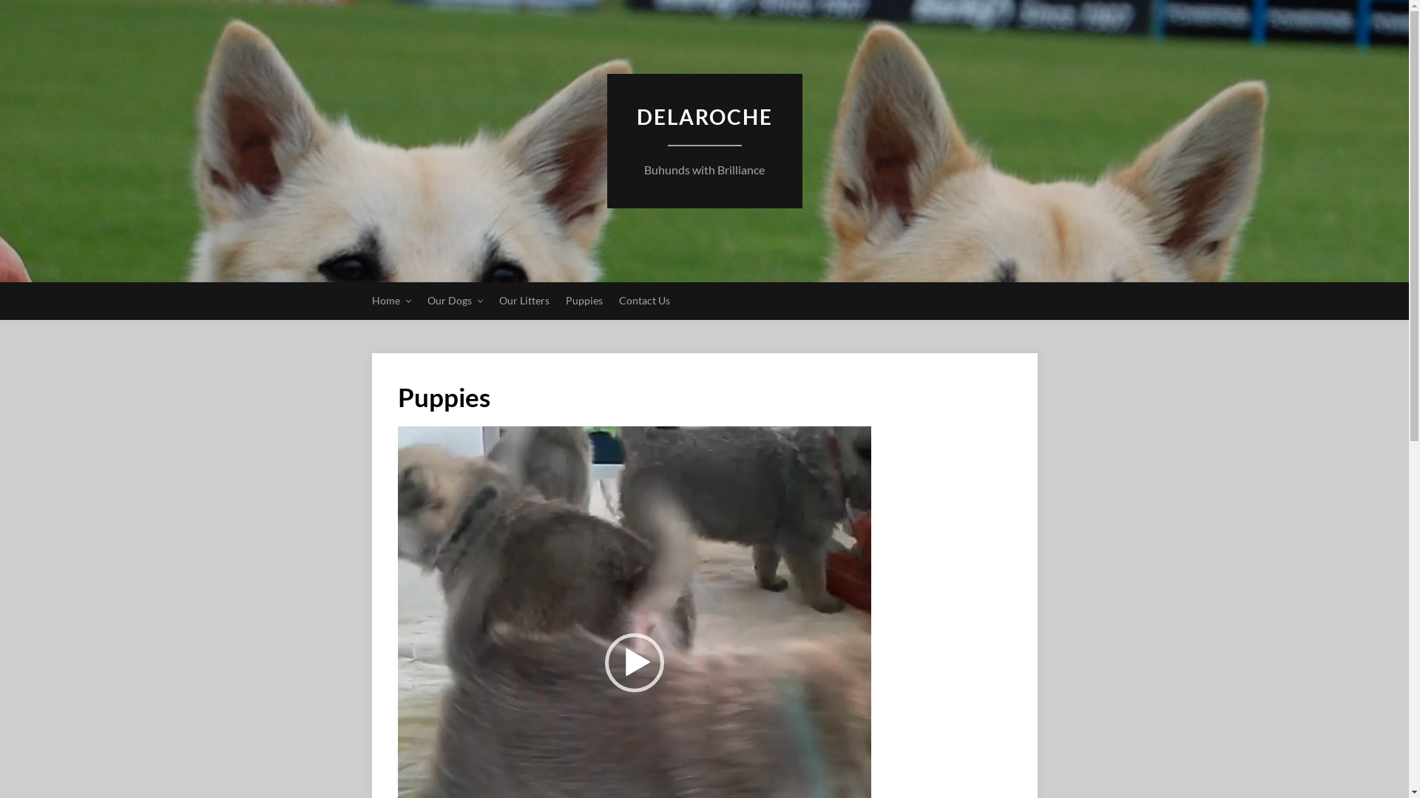  I want to click on 'Contact Us', so click(643, 300).